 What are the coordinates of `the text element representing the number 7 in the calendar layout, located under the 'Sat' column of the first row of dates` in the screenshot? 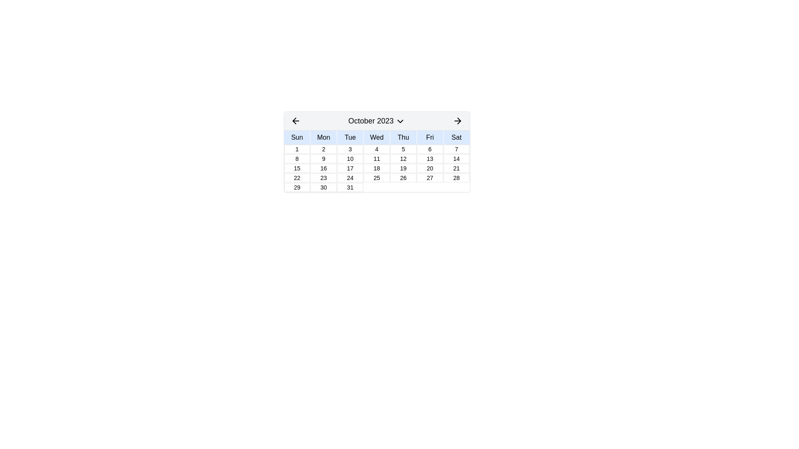 It's located at (456, 148).